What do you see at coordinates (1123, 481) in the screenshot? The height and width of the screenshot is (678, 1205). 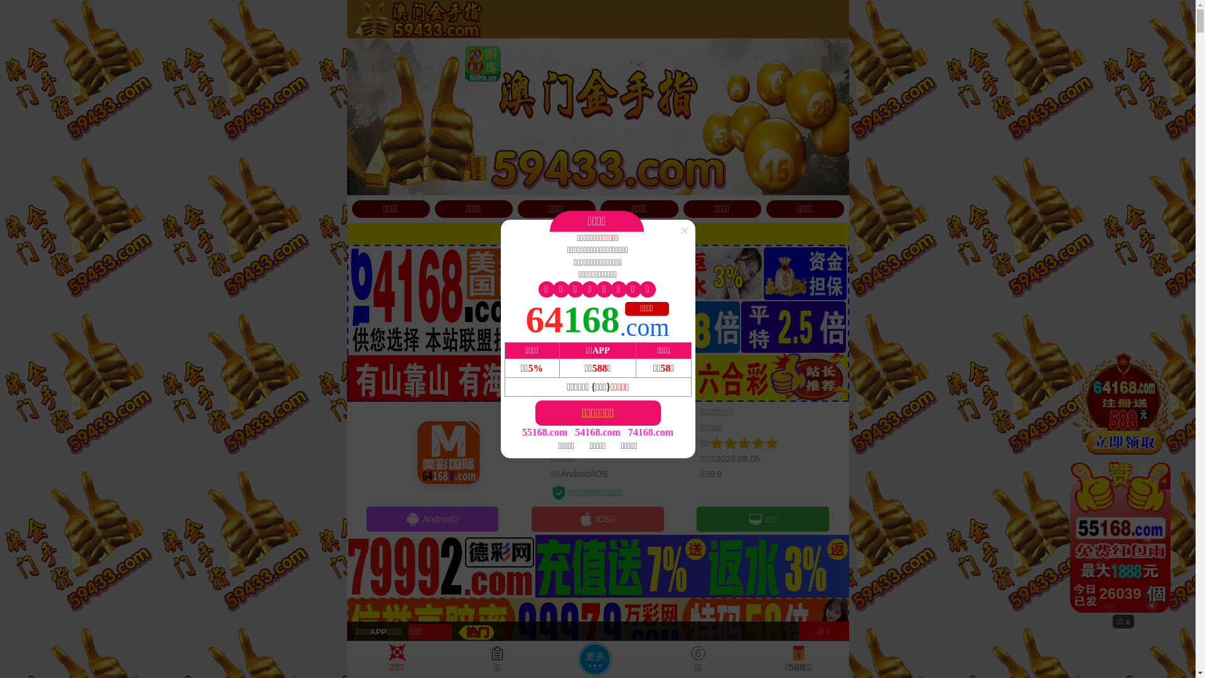 I see `'26377'` at bounding box center [1123, 481].